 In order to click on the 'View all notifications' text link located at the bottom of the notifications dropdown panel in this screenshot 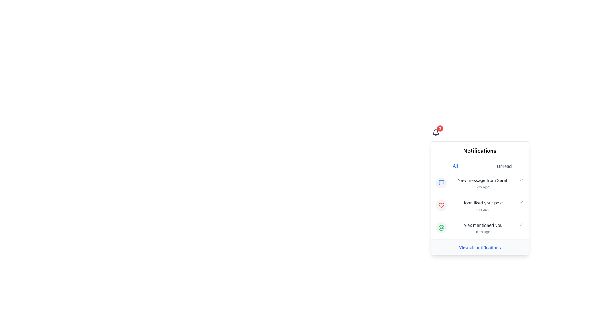, I will do `click(480, 247)`.